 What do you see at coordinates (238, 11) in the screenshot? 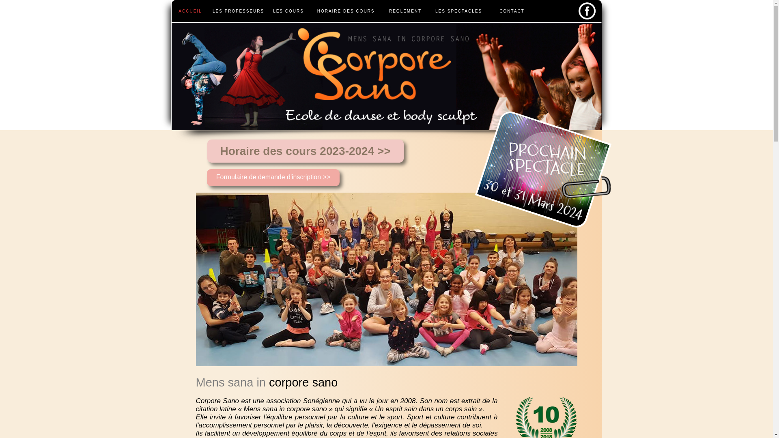
I see `'LES PROFESSEURS'` at bounding box center [238, 11].